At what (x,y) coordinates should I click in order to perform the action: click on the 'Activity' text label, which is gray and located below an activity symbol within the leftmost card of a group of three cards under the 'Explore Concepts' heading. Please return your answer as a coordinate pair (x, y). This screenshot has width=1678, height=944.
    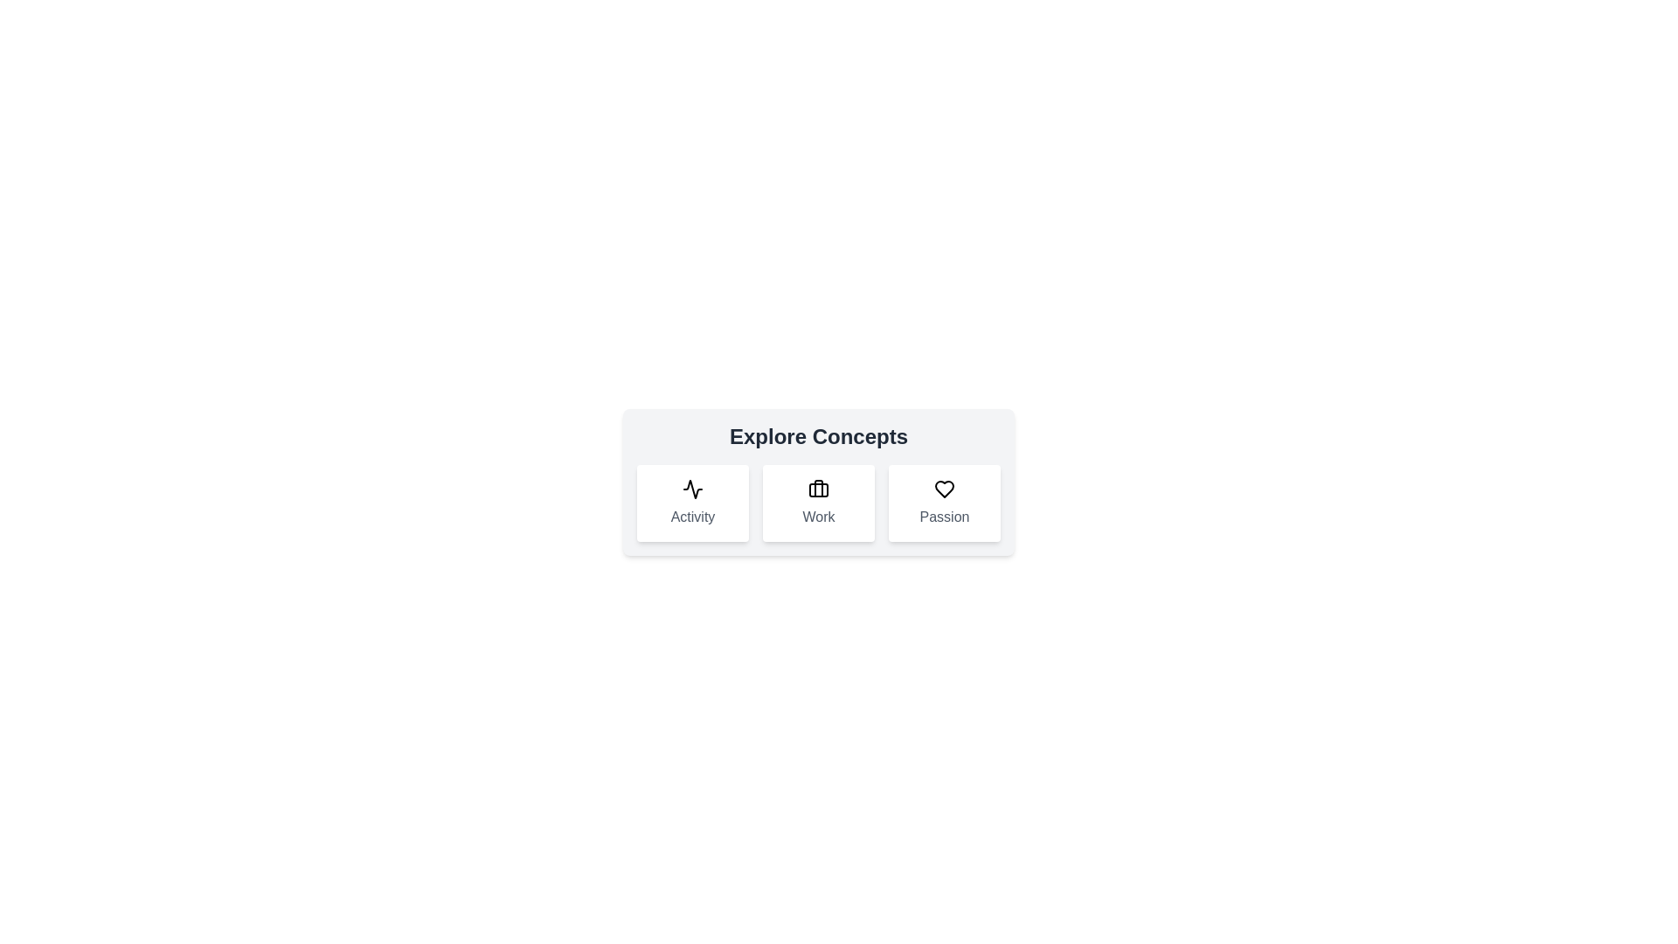
    Looking at the image, I should click on (691, 516).